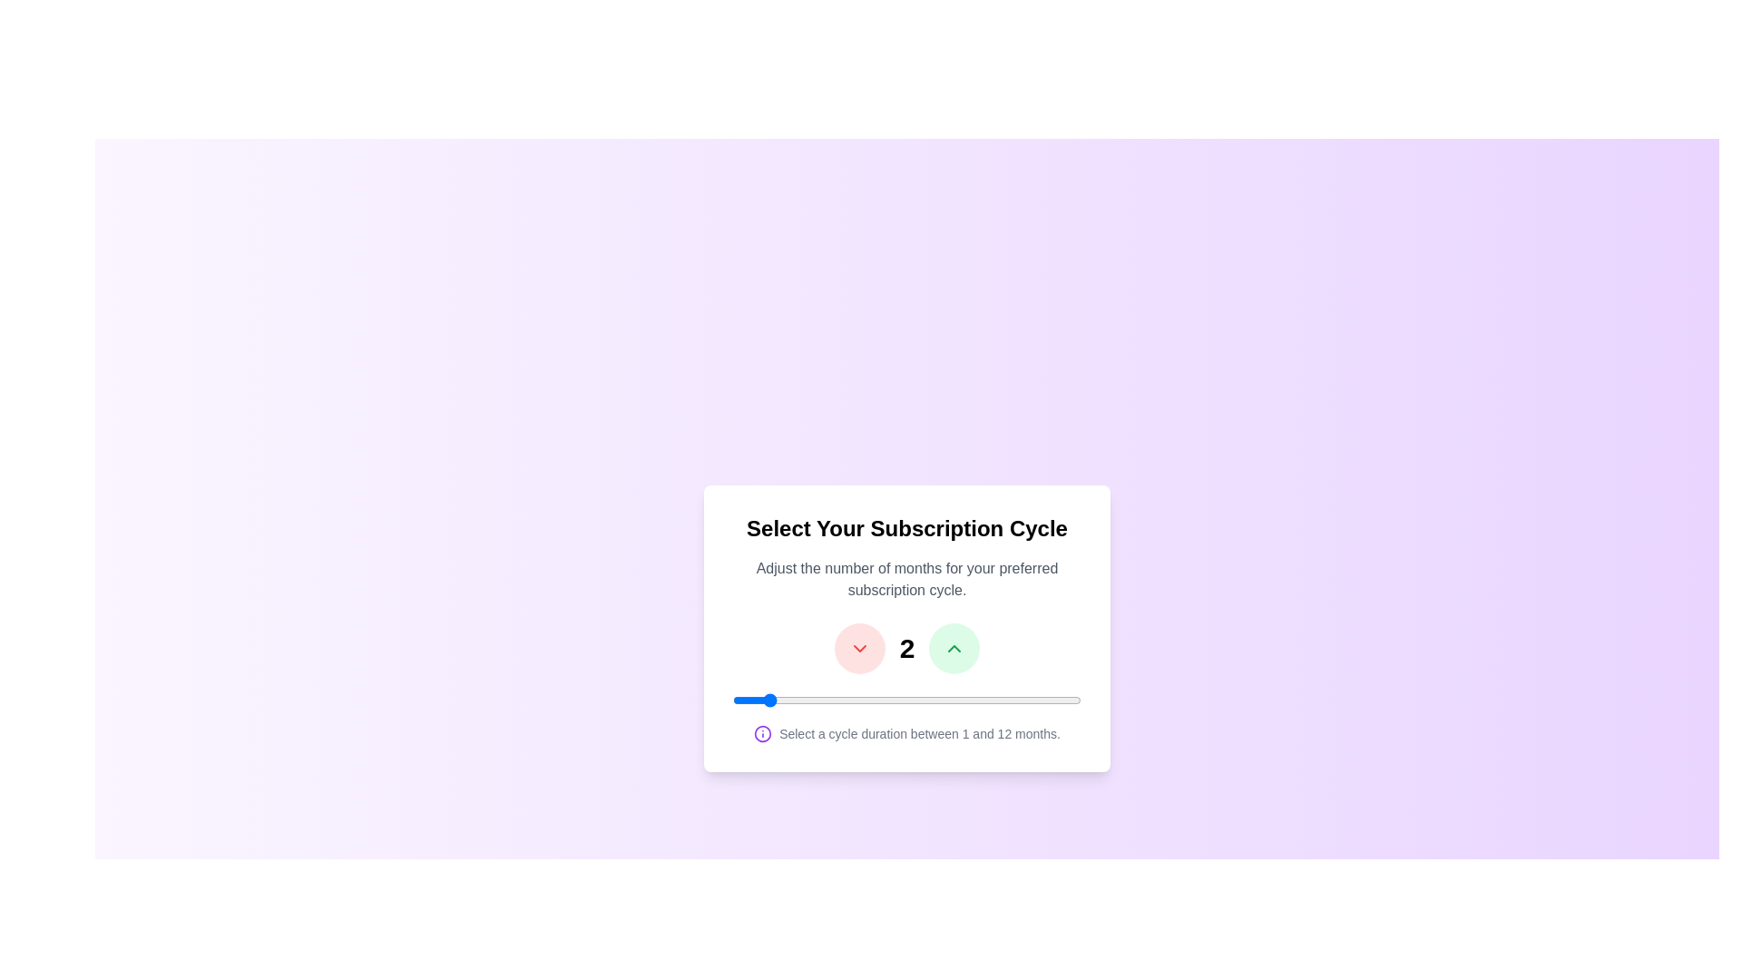 The image size is (1742, 980). Describe the element at coordinates (858, 647) in the screenshot. I see `the SVG icon with a red circular background that expands the dropdown menu for selecting subscription options` at that location.